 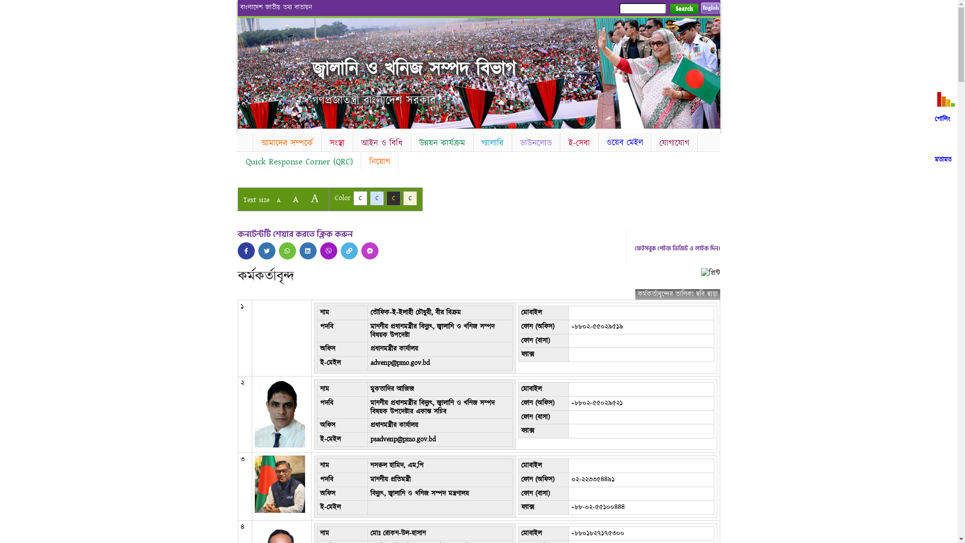 I want to click on 'C', so click(x=376, y=198).